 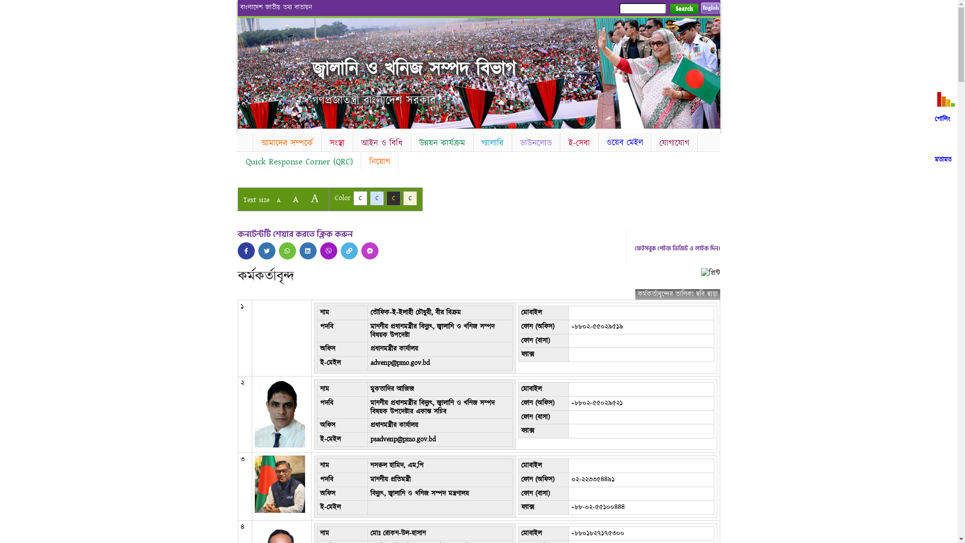 I want to click on 'C', so click(x=376, y=198).